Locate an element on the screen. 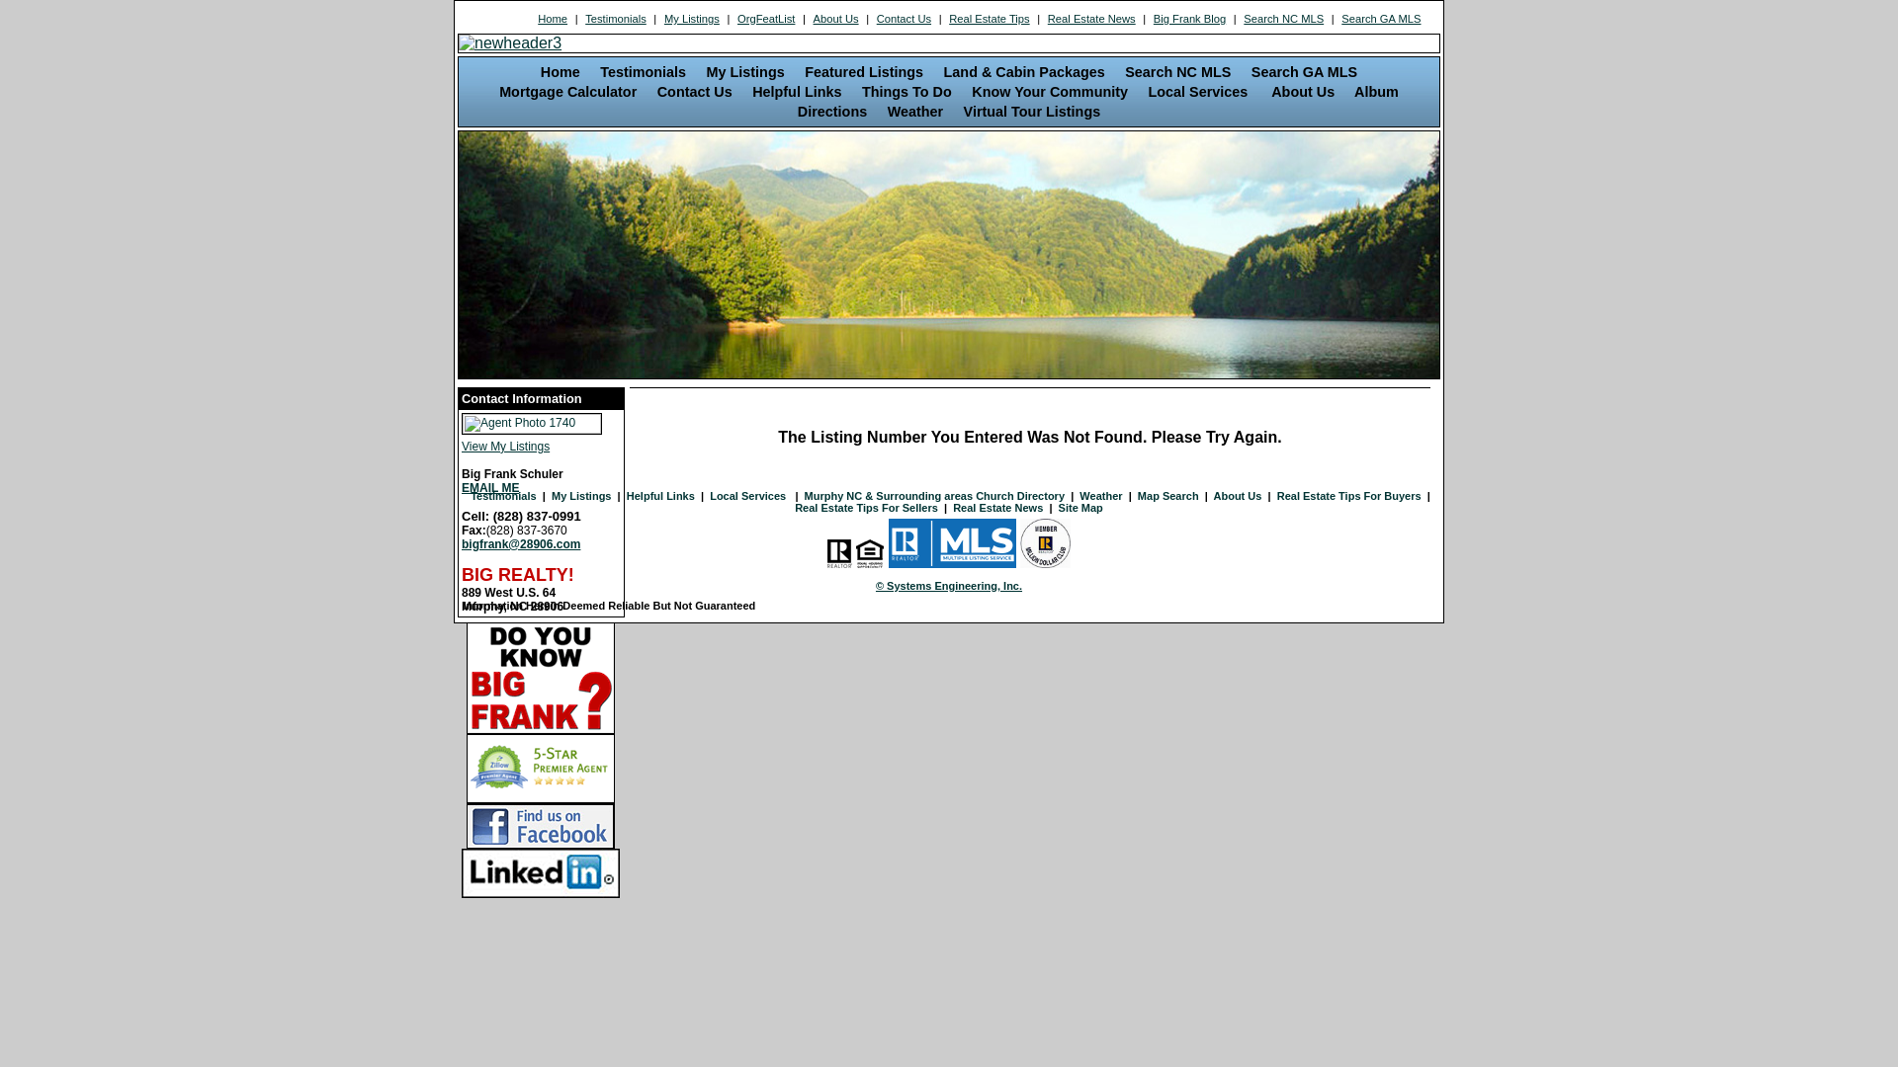 This screenshot has width=1898, height=1067. 'Home' is located at coordinates (536, 19).